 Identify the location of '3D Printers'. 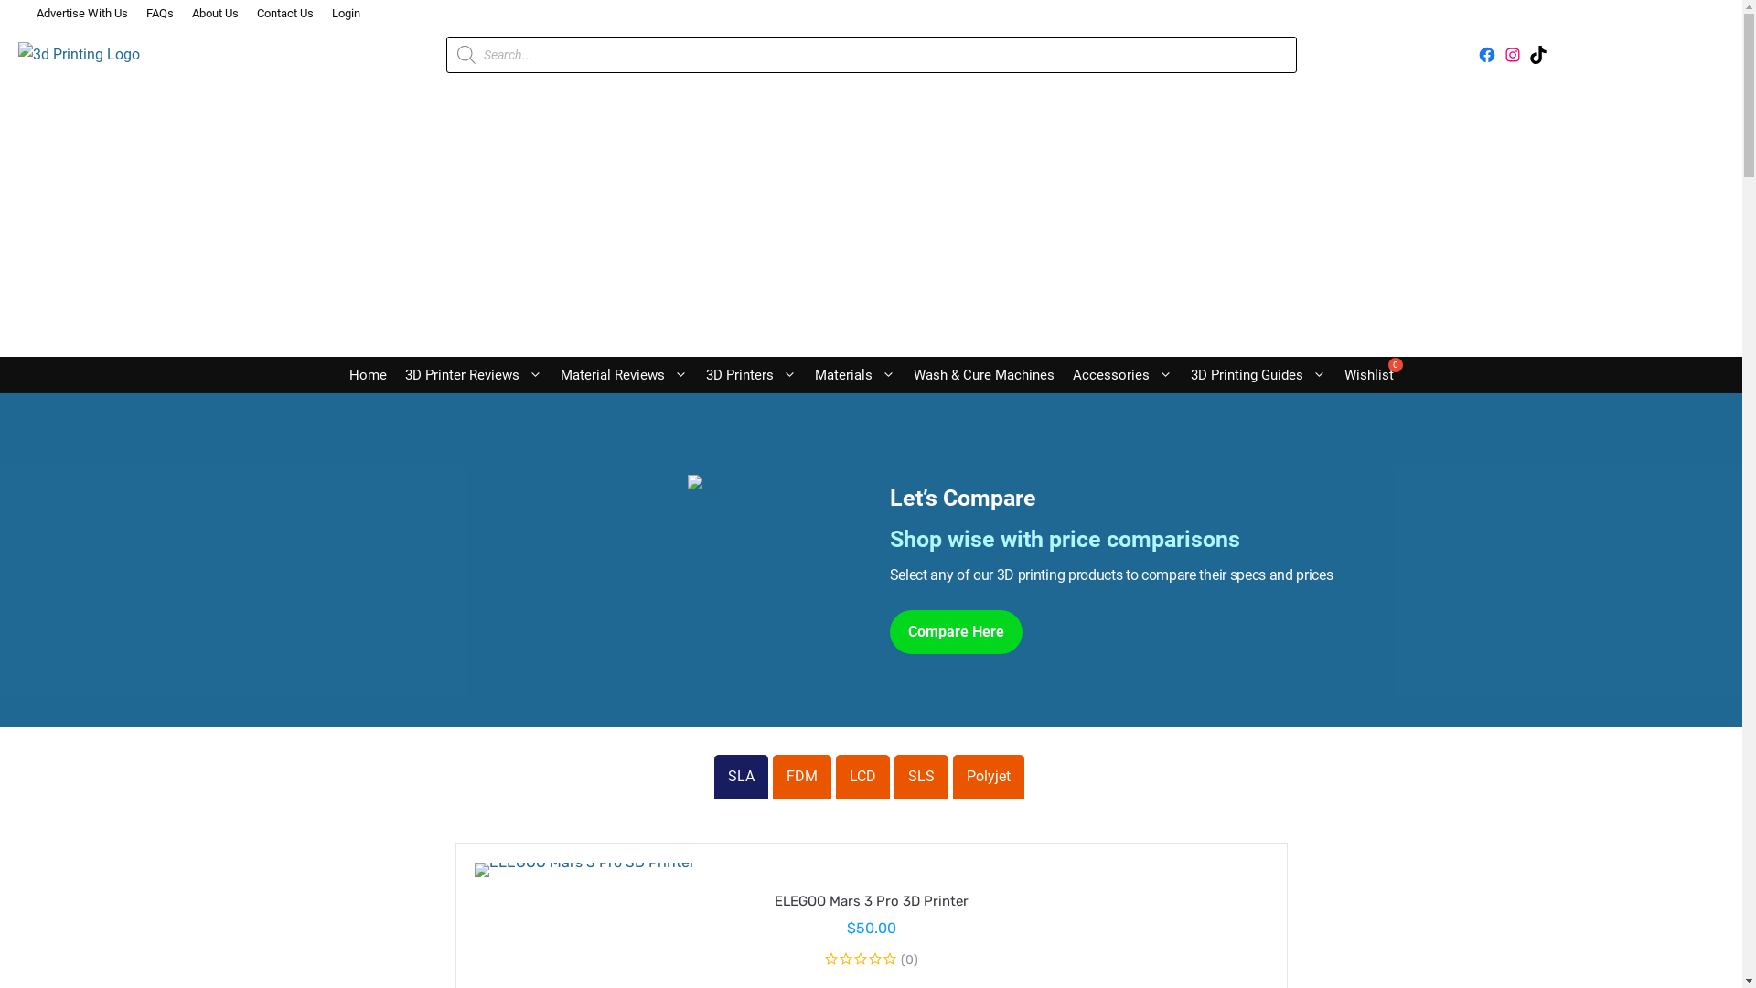
(751, 373).